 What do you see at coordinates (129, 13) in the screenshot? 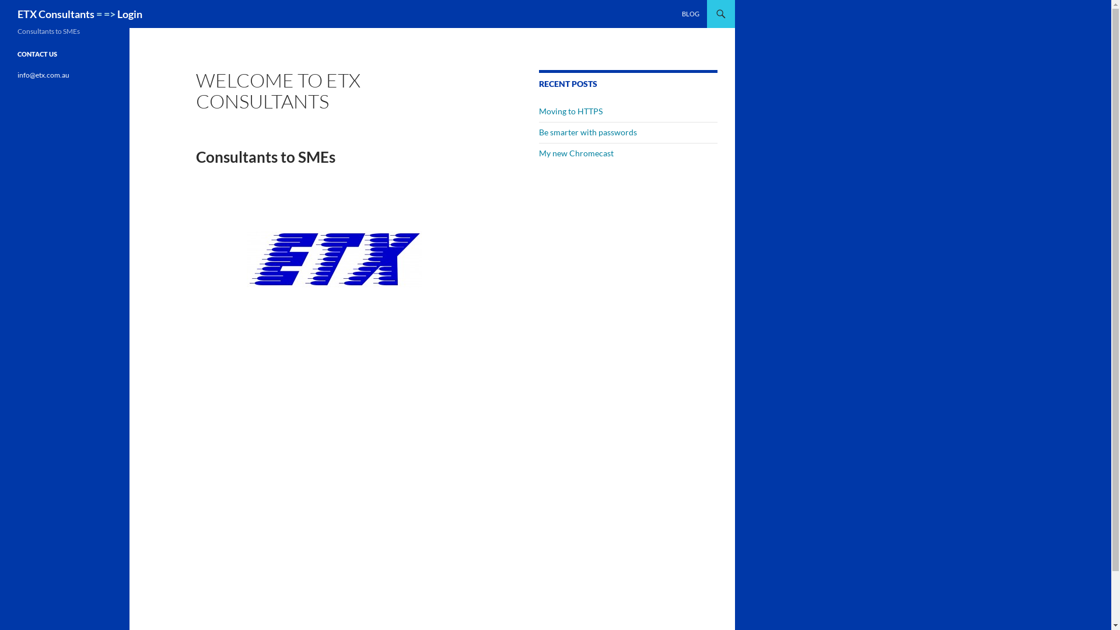
I see `'Login'` at bounding box center [129, 13].